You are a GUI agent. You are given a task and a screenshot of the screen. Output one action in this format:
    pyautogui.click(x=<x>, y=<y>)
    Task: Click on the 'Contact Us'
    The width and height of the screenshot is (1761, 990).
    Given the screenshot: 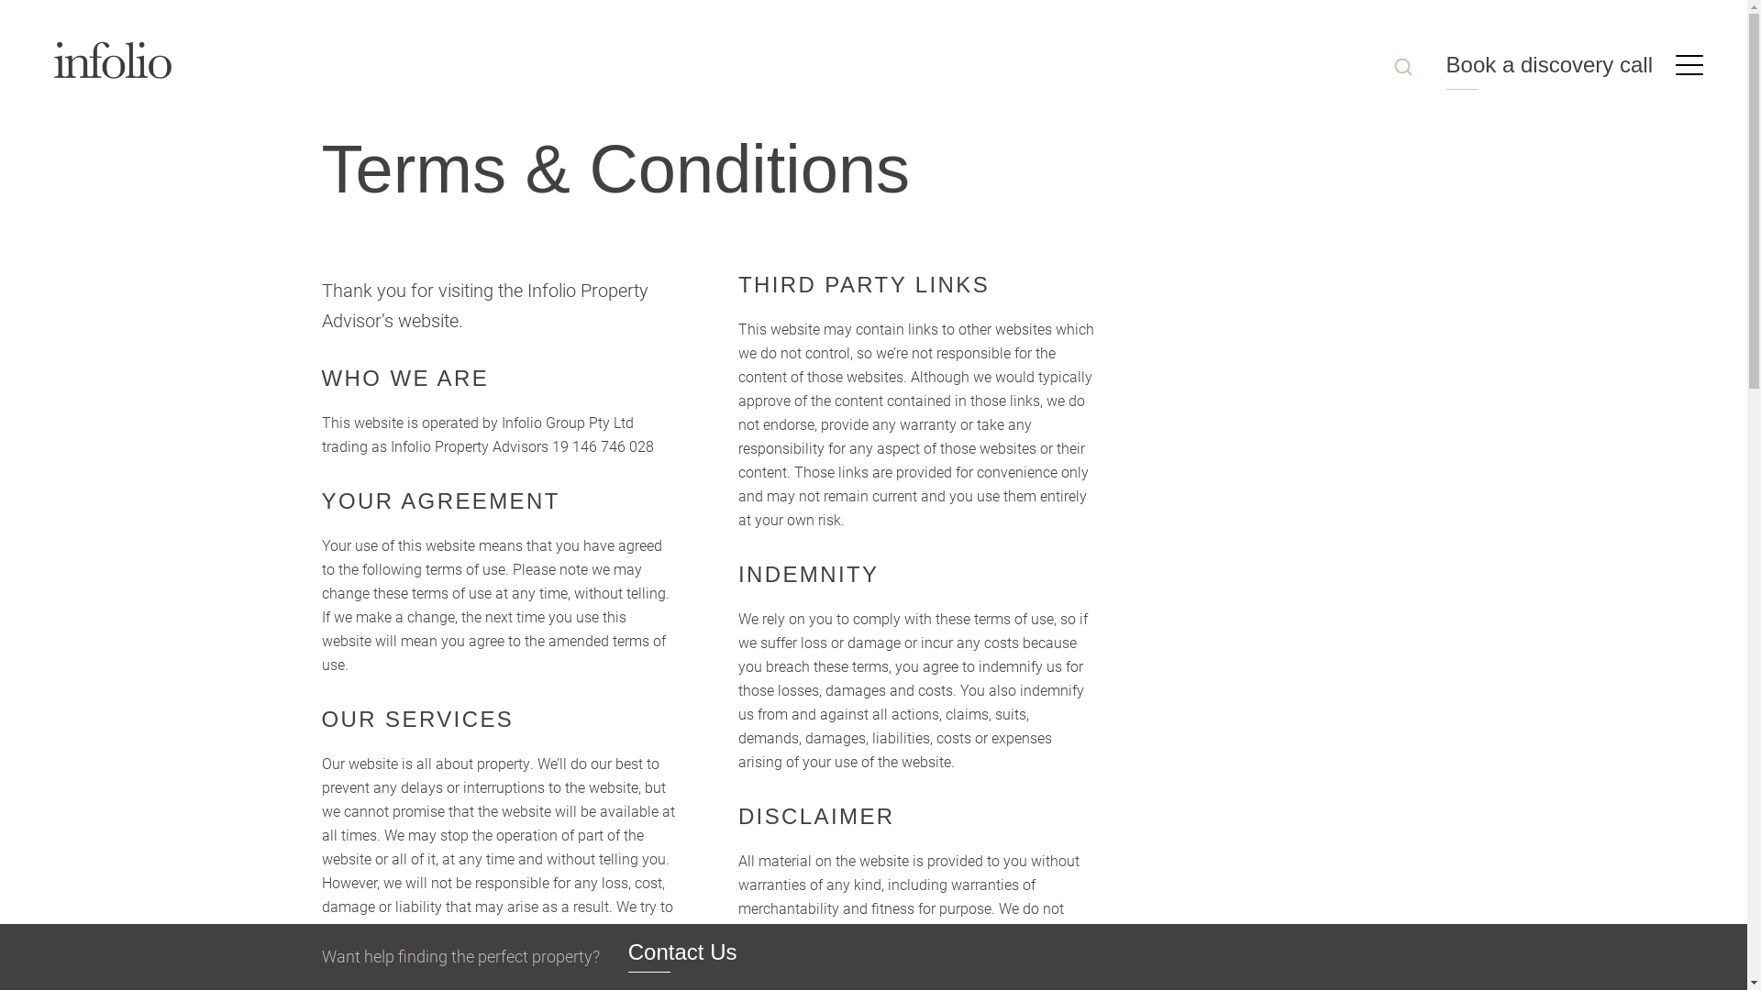 What is the action you would take?
    pyautogui.click(x=681, y=956)
    